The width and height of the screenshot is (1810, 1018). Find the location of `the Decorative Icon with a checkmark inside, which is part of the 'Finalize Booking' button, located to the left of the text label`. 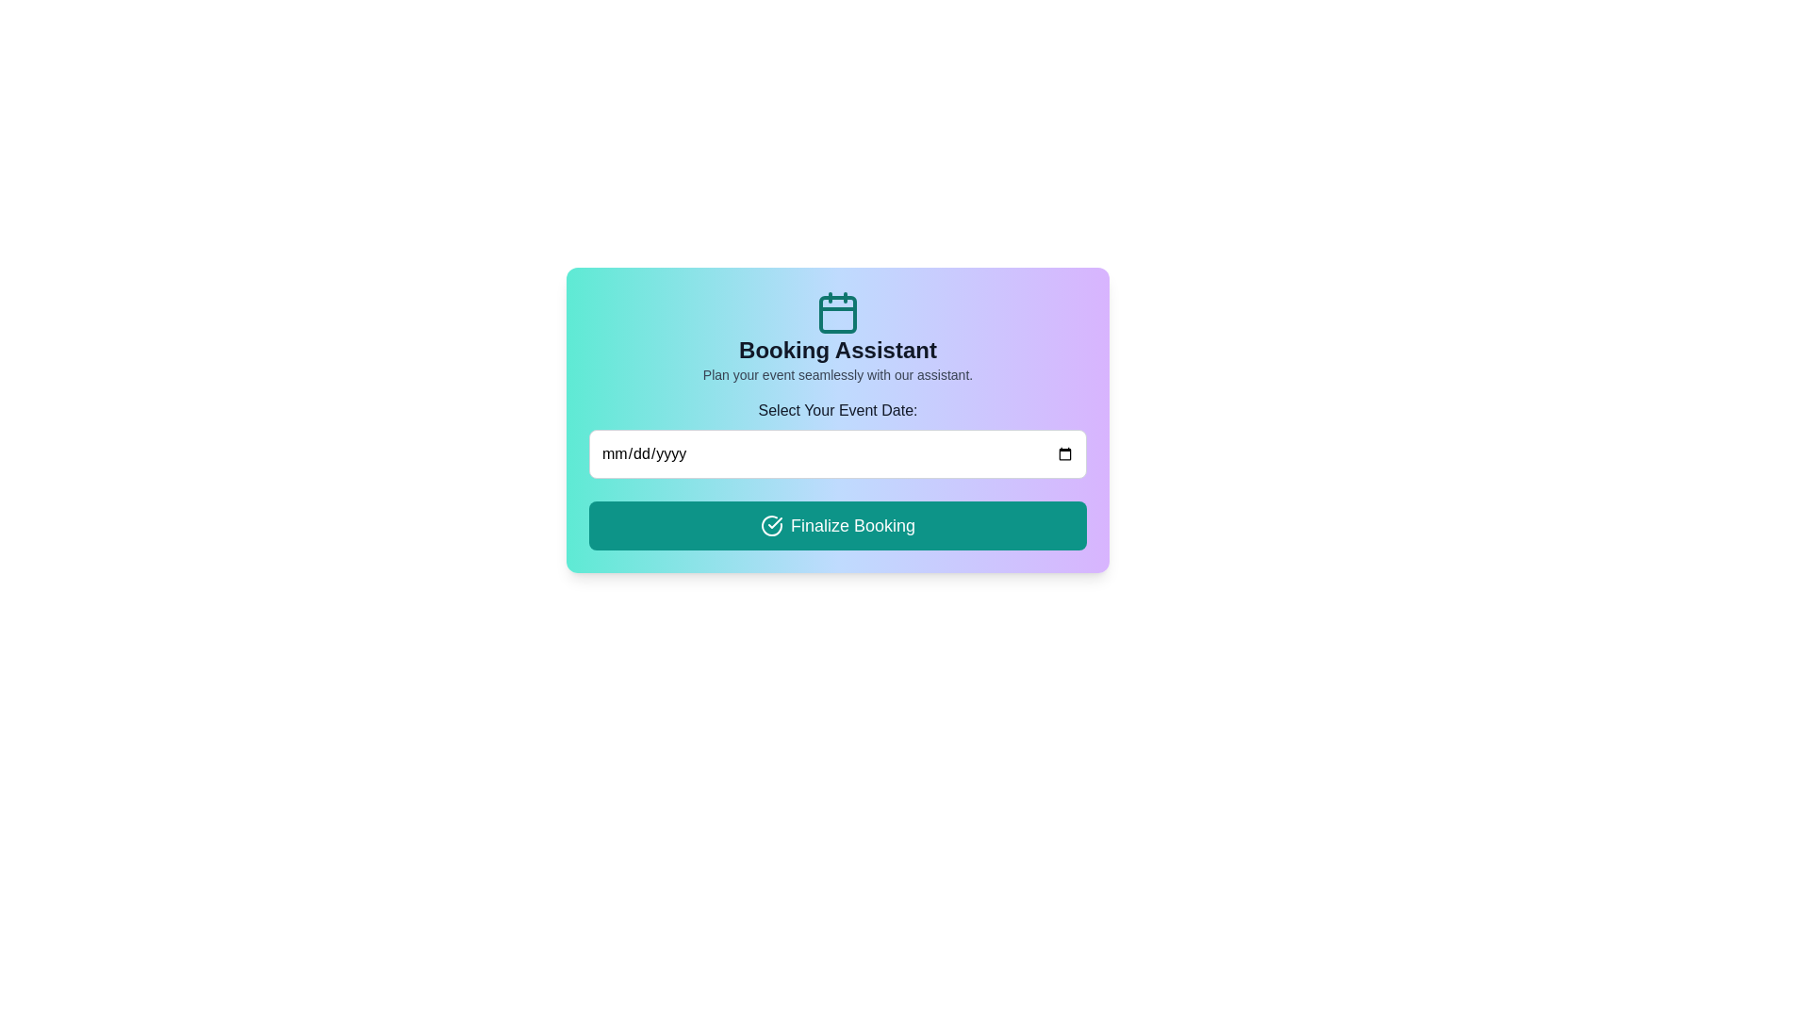

the Decorative Icon with a checkmark inside, which is part of the 'Finalize Booking' button, located to the left of the text label is located at coordinates (771, 526).